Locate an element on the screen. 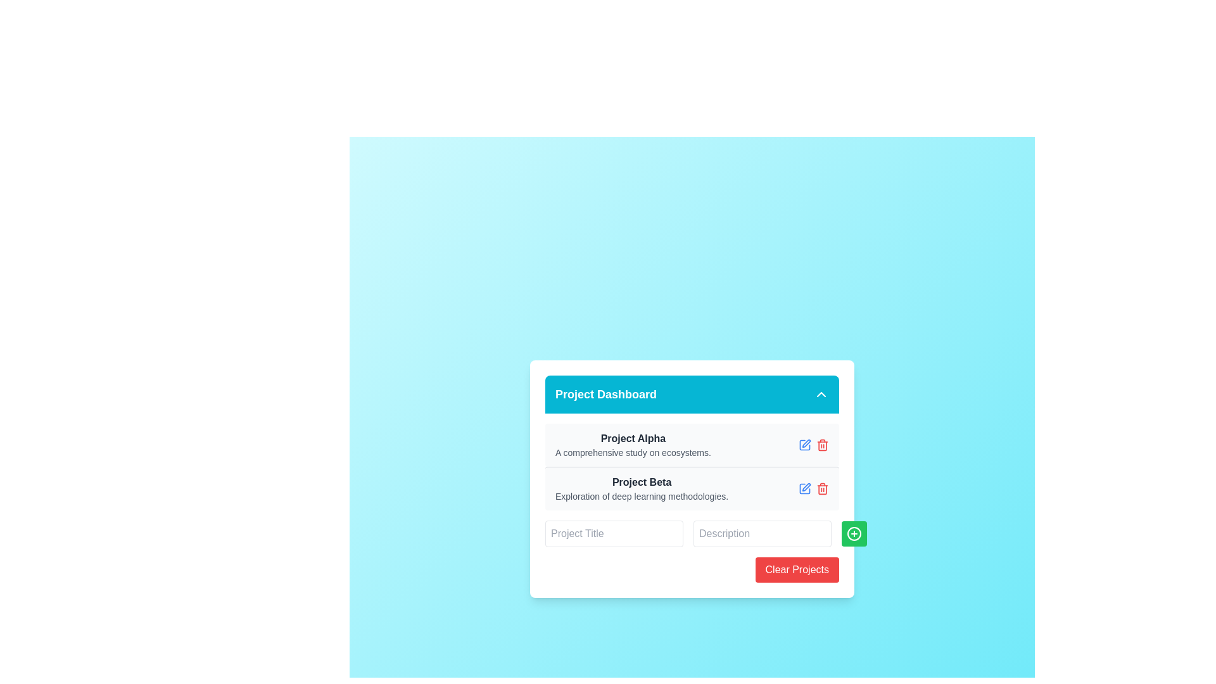  the List item representing 'Project Beta' in the Project Dashboard to trigger the hover effect is located at coordinates (692, 488).